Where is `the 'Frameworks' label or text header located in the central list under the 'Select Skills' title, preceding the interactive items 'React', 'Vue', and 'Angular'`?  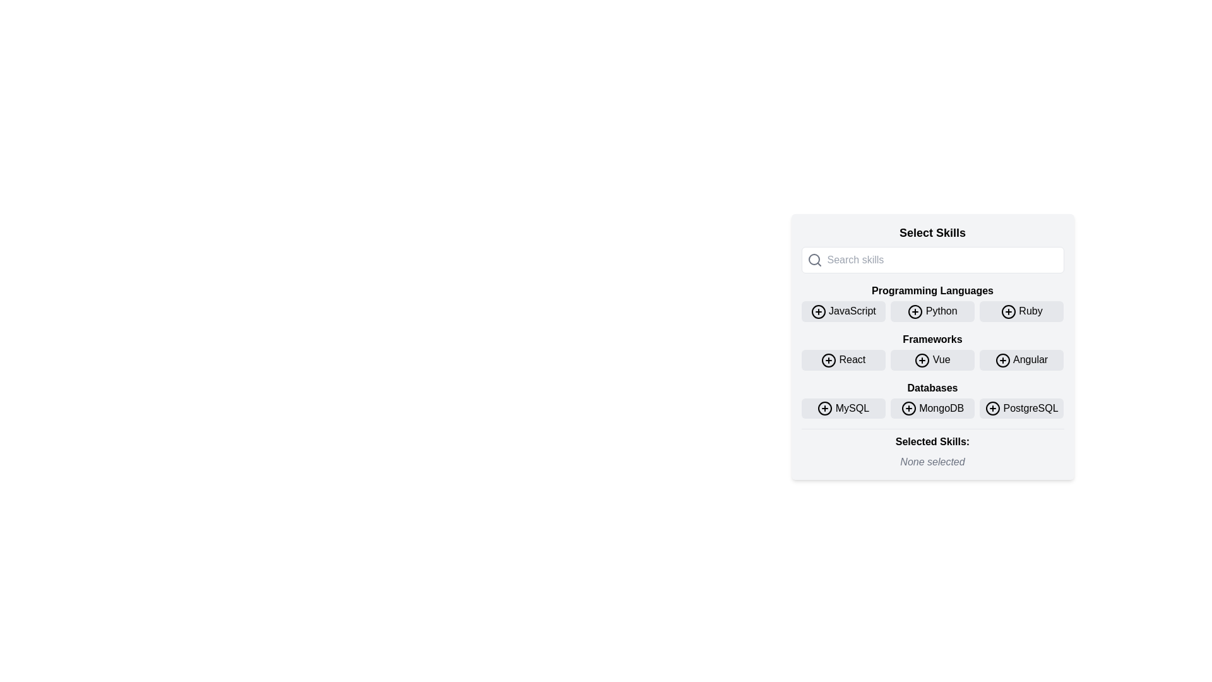
the 'Frameworks' label or text header located in the central list under the 'Select Skills' title, preceding the interactive items 'React', 'Vue', and 'Angular' is located at coordinates (932, 338).